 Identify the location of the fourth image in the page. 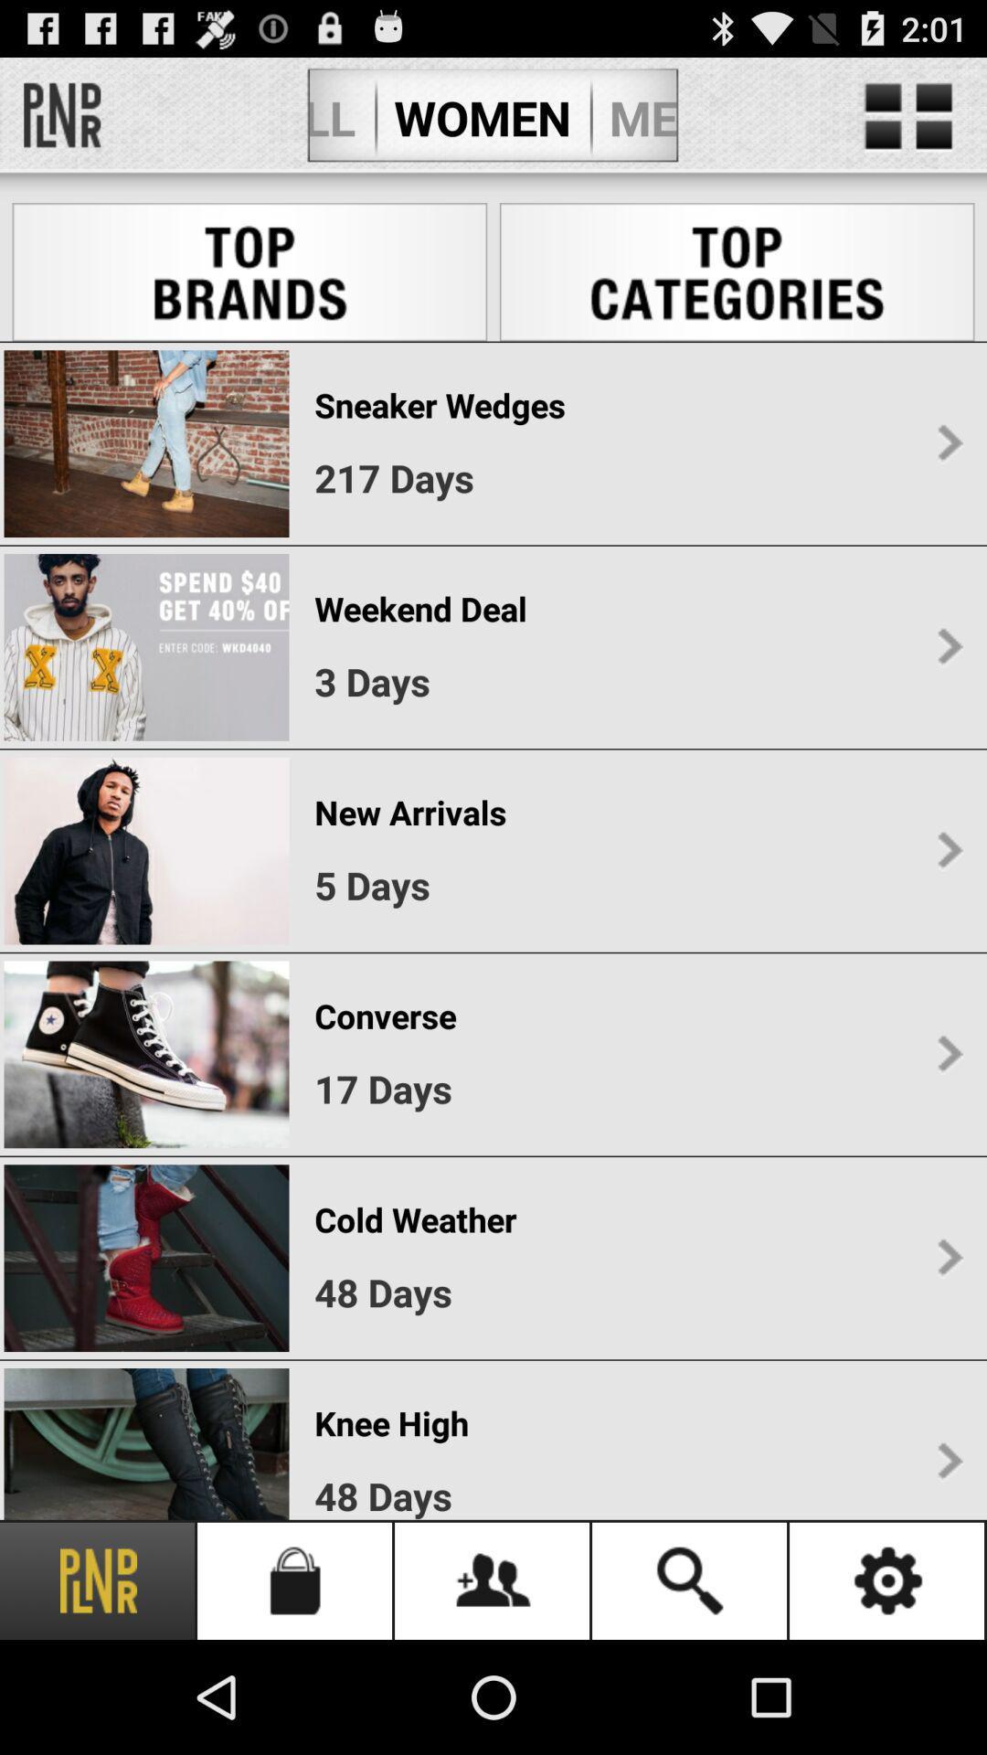
(145, 1054).